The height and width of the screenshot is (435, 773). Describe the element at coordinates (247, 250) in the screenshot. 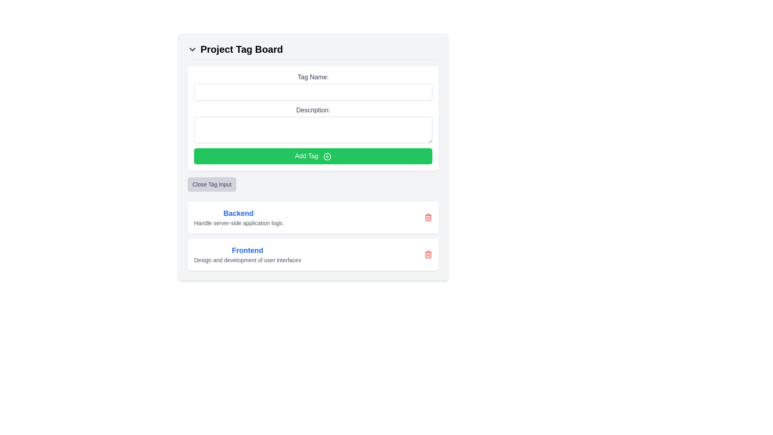

I see `the header text that categorizes and summarizes the tasks related to frontend design and development, located below the 'Backend' section` at that location.